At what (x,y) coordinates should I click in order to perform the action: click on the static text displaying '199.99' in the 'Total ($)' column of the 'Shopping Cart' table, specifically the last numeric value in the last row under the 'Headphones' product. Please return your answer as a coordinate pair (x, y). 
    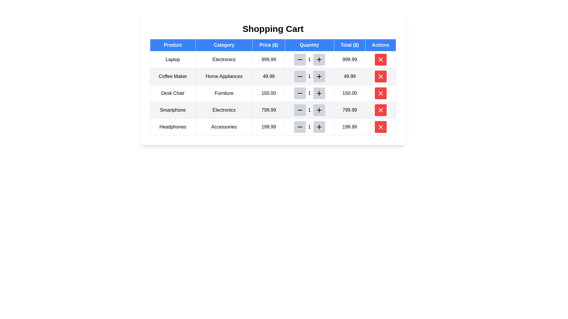
    Looking at the image, I should click on (350, 126).